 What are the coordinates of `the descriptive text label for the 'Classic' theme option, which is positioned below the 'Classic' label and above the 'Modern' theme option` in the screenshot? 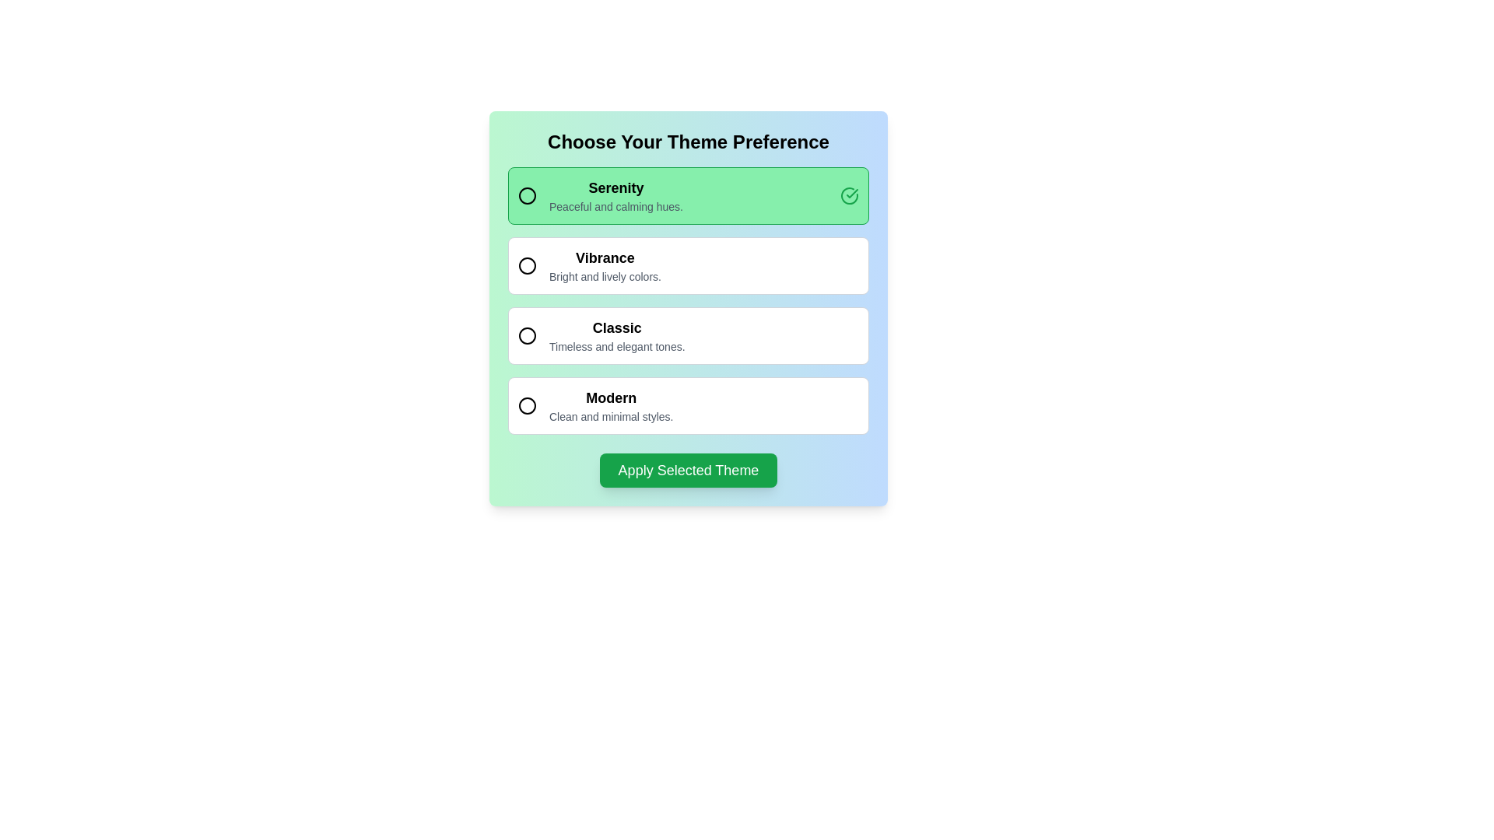 It's located at (616, 346).